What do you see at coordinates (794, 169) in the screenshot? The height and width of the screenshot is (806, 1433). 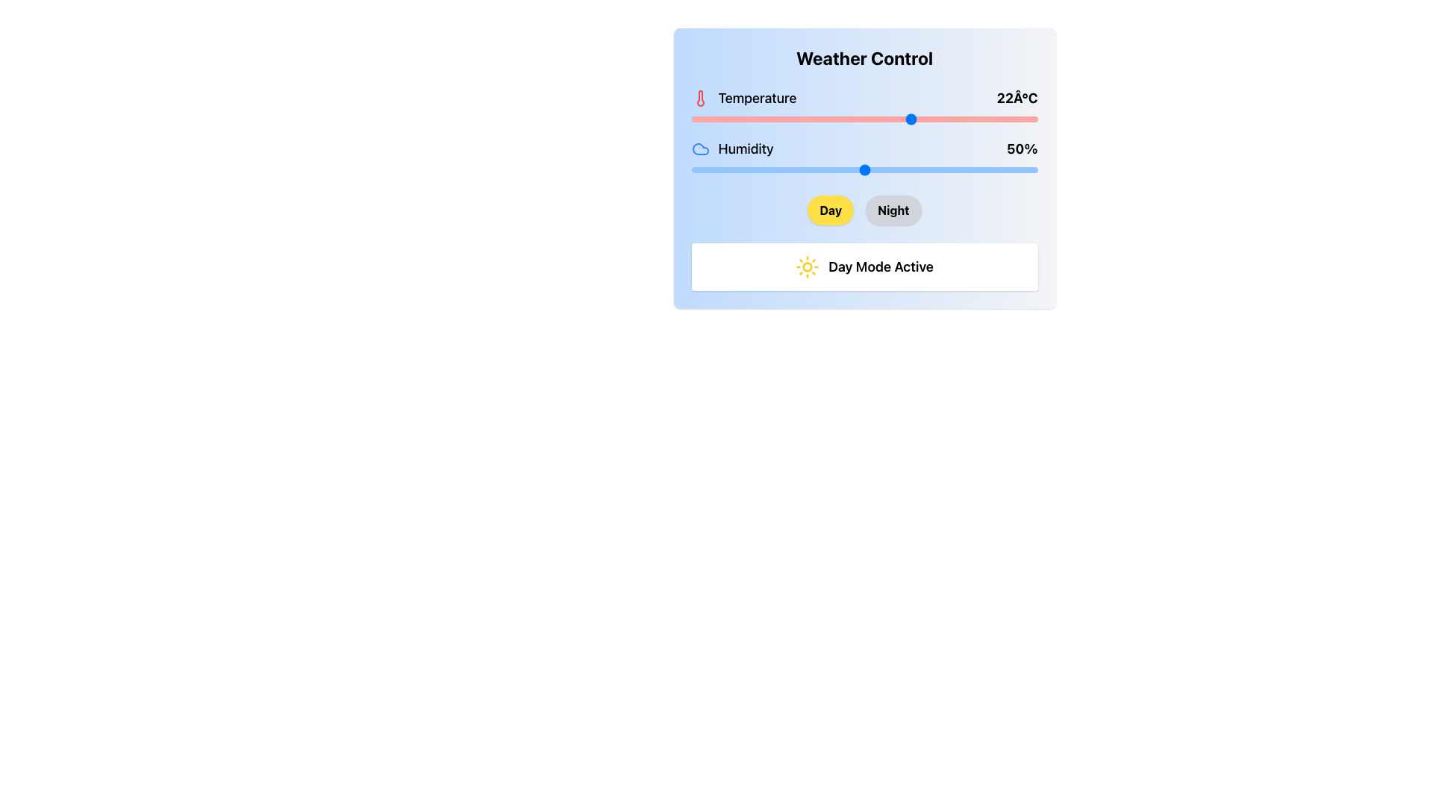 I see `the humidity level` at bounding box center [794, 169].